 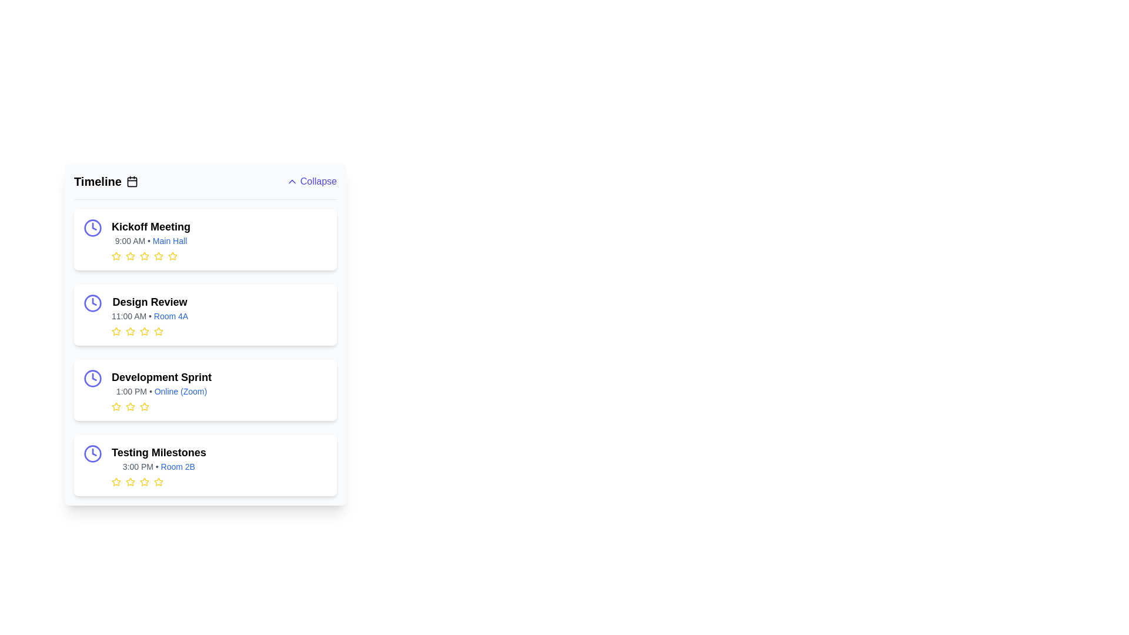 What do you see at coordinates (149, 315) in the screenshot?
I see `the 'Design Review' text block, which features a bold black header and lighter gray text, located in the Timeline section between the 'Kickoff Meeting' and 'Development Sprint' entries` at bounding box center [149, 315].